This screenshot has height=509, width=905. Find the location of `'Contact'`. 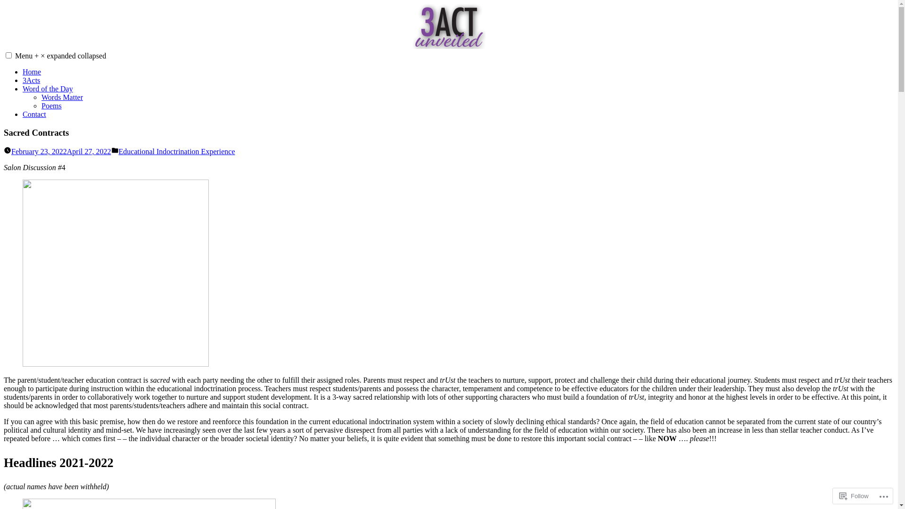

'Contact' is located at coordinates (23, 114).